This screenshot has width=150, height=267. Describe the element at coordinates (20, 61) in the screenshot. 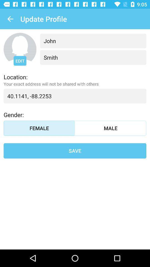

I see `the icon above location: icon` at that location.